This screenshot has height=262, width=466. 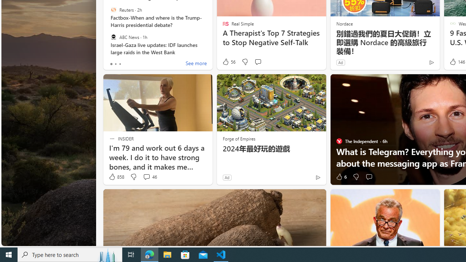 What do you see at coordinates (111, 64) in the screenshot?
I see `'tab-0'` at bounding box center [111, 64].